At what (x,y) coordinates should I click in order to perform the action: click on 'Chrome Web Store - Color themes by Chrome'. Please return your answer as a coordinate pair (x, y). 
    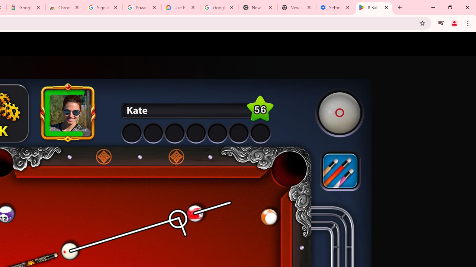
    Looking at the image, I should click on (65, 7).